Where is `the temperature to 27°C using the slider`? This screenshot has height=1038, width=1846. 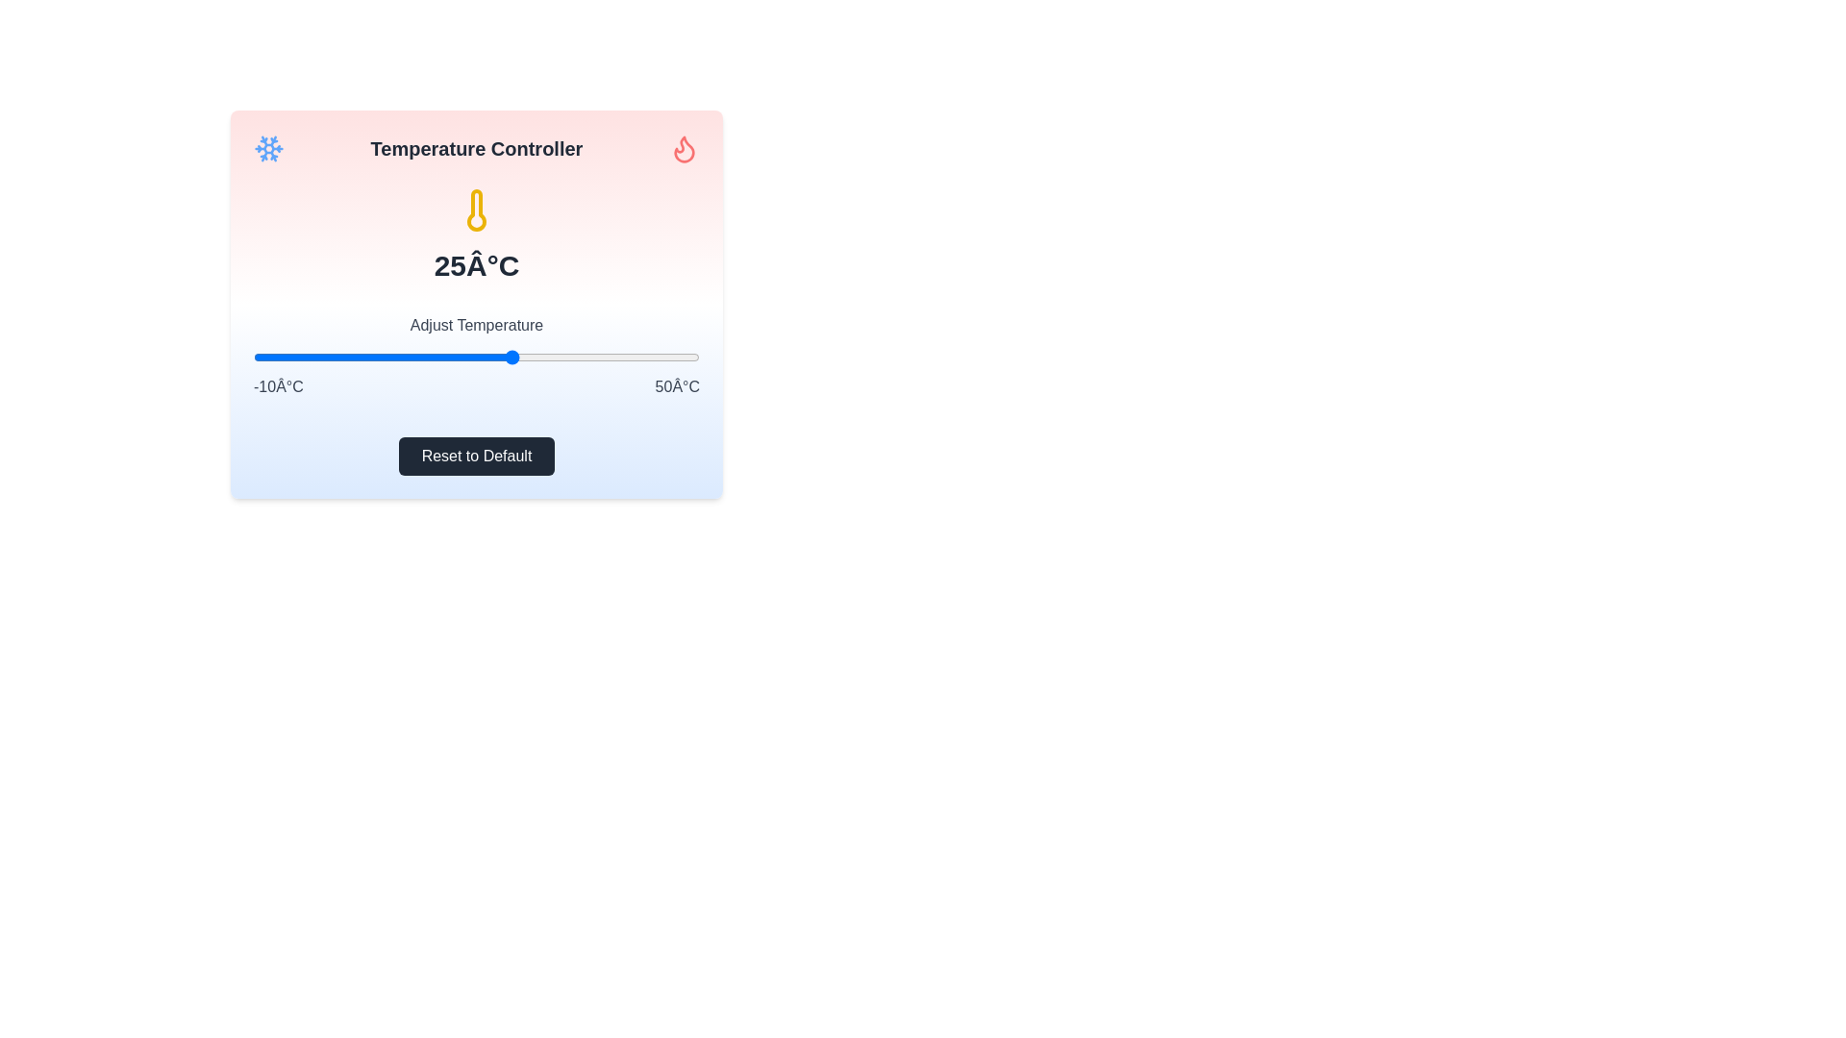 the temperature to 27°C using the slider is located at coordinates (529, 357).